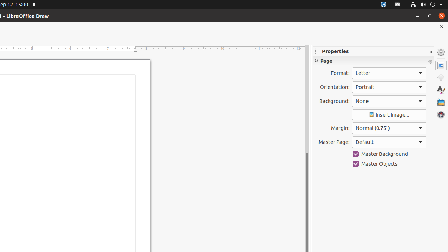 The width and height of the screenshot is (448, 252). What do you see at coordinates (388, 73) in the screenshot?
I see `'Format:'` at bounding box center [388, 73].